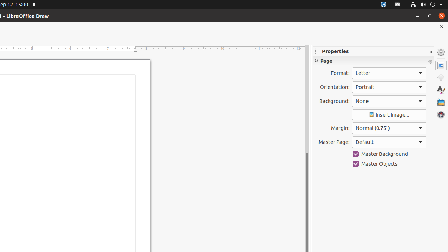 The width and height of the screenshot is (448, 252). What do you see at coordinates (388, 73) in the screenshot?
I see `'Format:'` at bounding box center [388, 73].